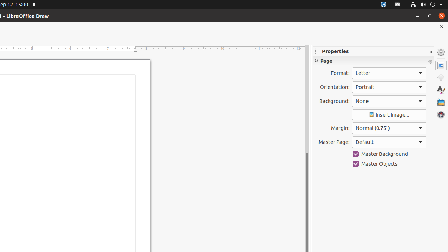 The width and height of the screenshot is (448, 252). What do you see at coordinates (388, 73) in the screenshot?
I see `'Format:'` at bounding box center [388, 73].